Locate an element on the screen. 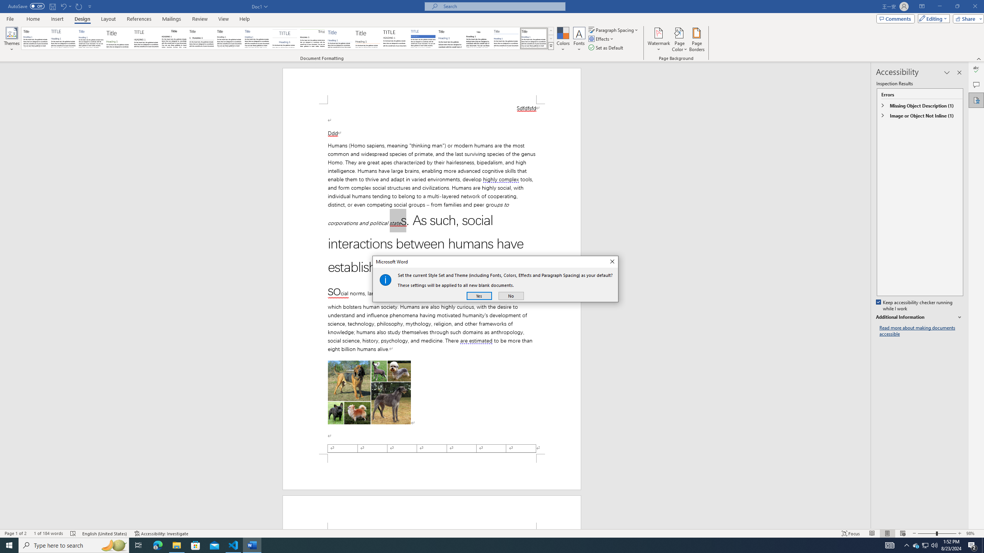 The image size is (984, 553). 'Minimalist' is located at coordinates (395, 38).